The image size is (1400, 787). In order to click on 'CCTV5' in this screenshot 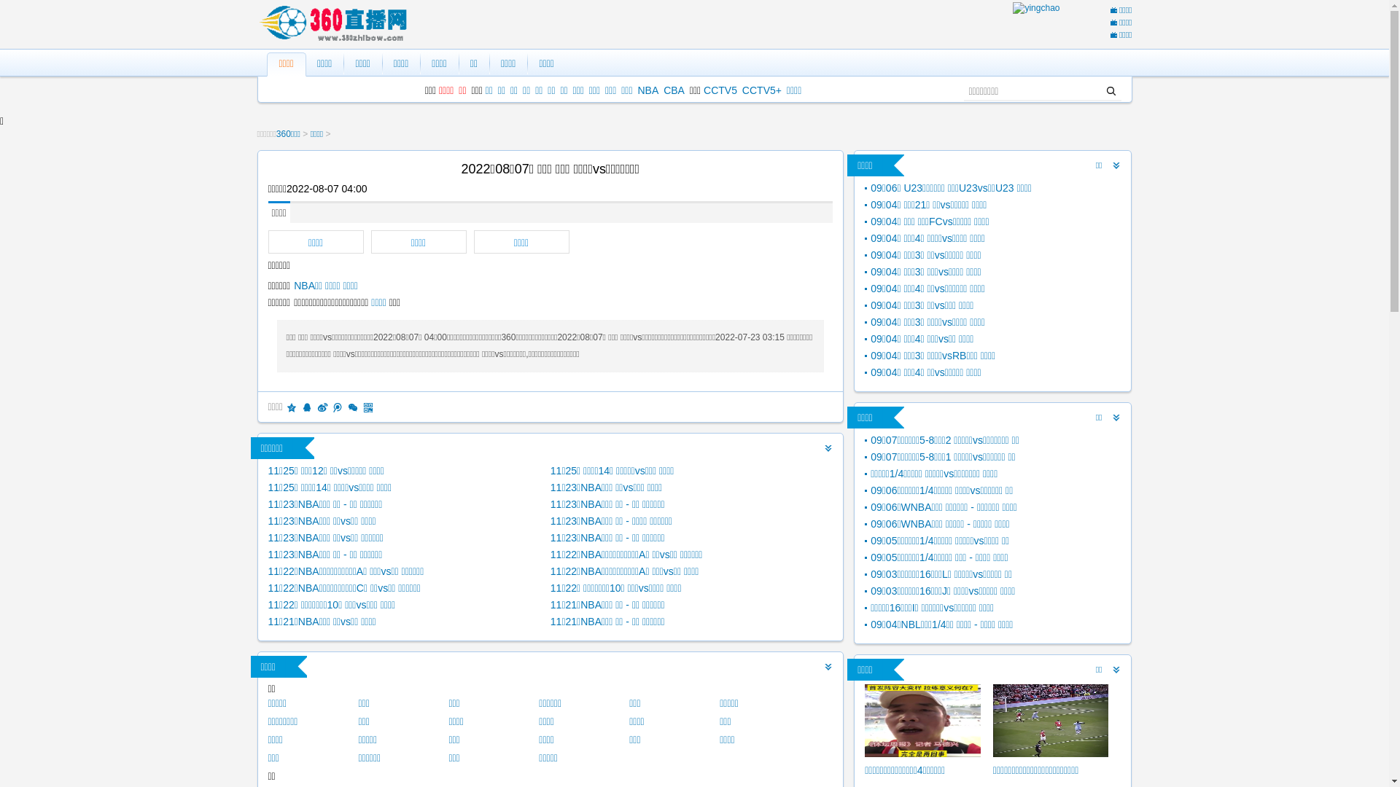, I will do `click(720, 90)`.